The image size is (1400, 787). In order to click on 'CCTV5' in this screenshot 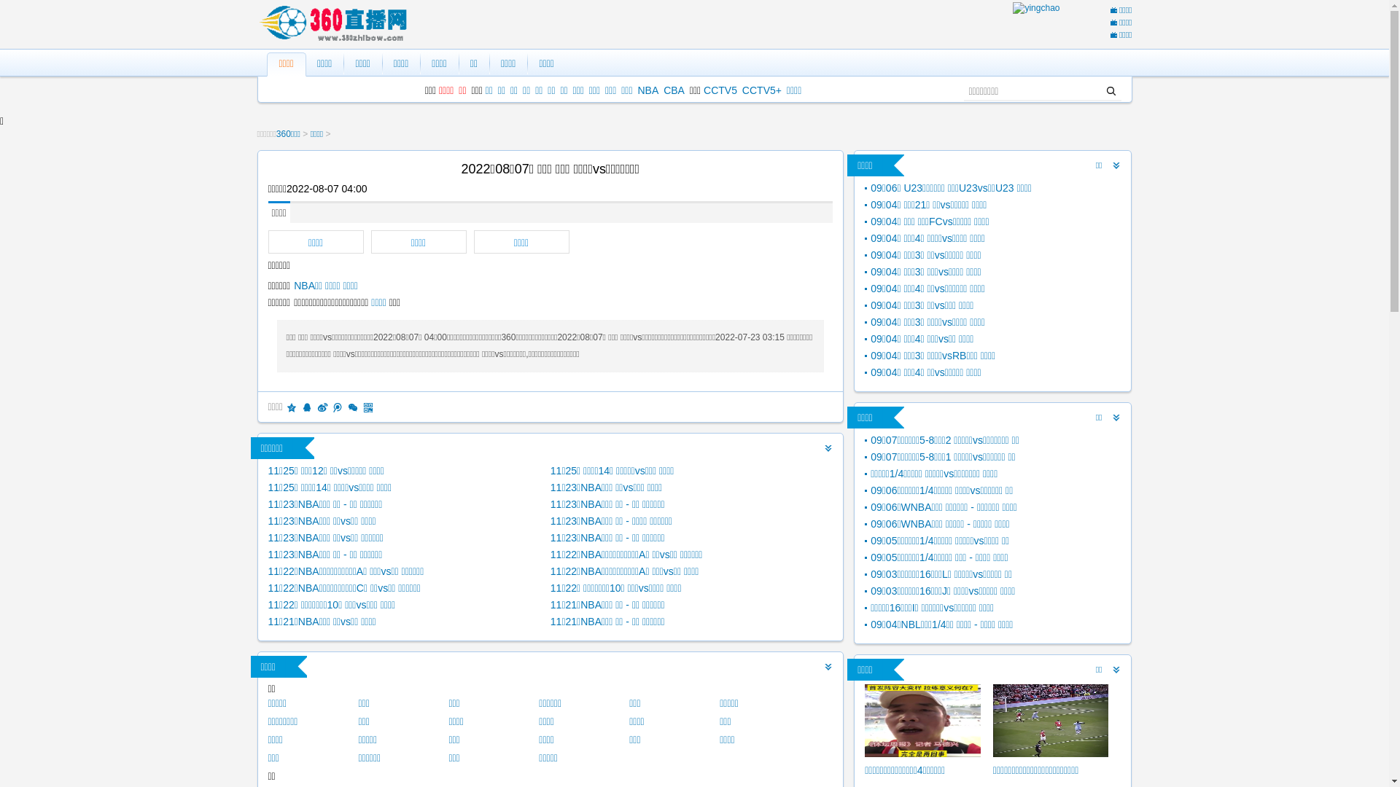, I will do `click(720, 90)`.